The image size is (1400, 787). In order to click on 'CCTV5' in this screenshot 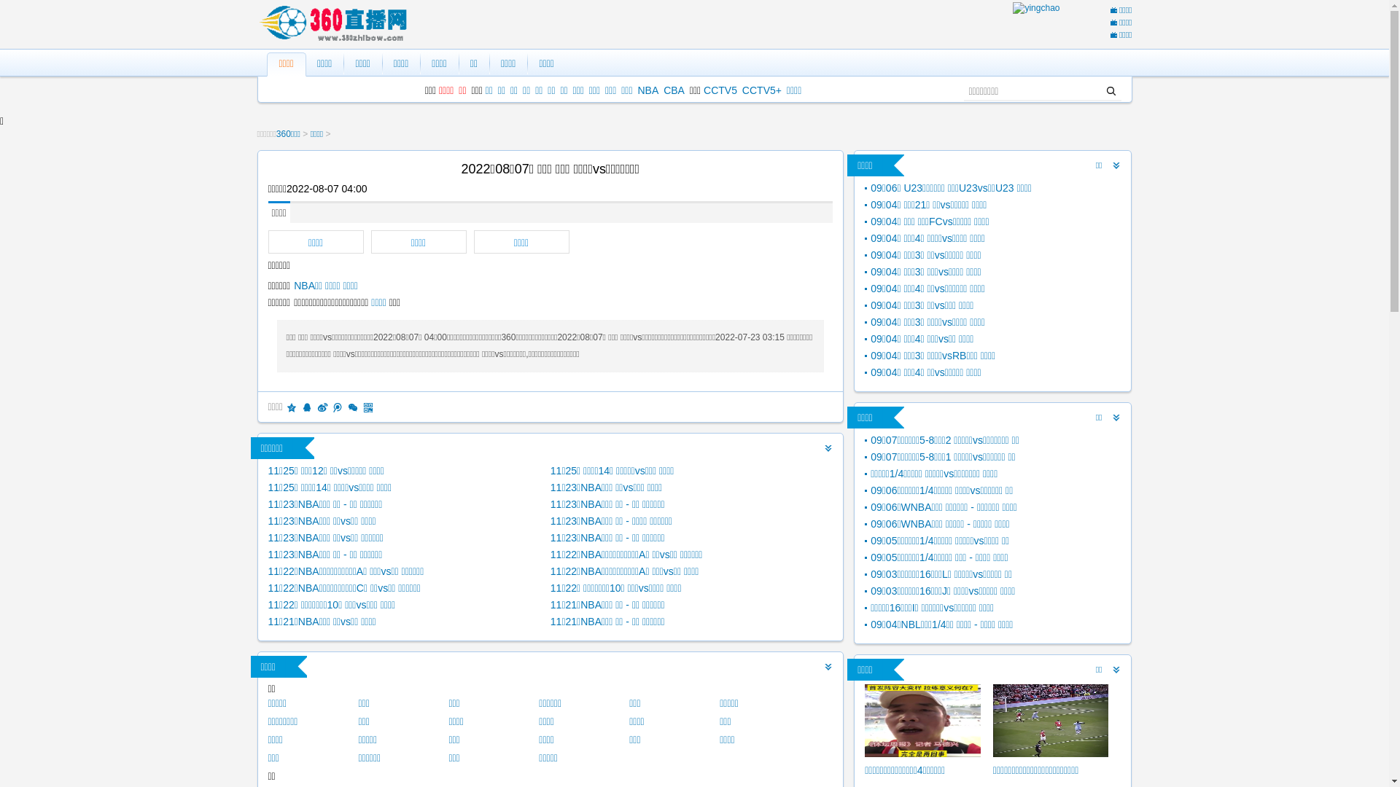, I will do `click(720, 90)`.